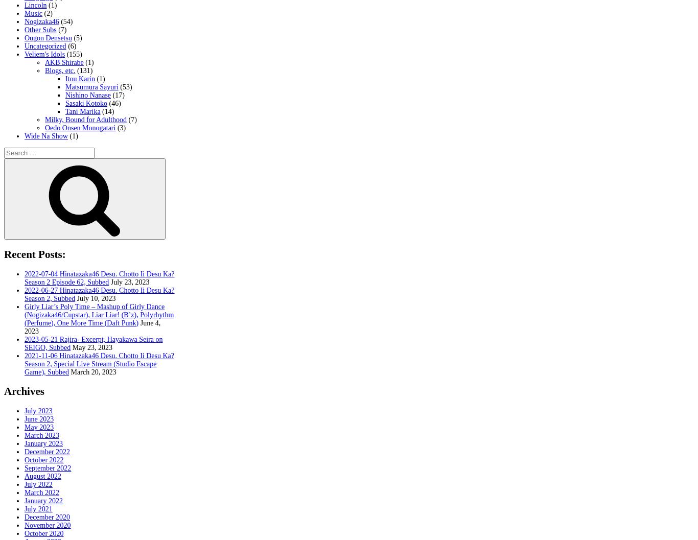  What do you see at coordinates (69, 371) in the screenshot?
I see `'March 20, 2023'` at bounding box center [69, 371].